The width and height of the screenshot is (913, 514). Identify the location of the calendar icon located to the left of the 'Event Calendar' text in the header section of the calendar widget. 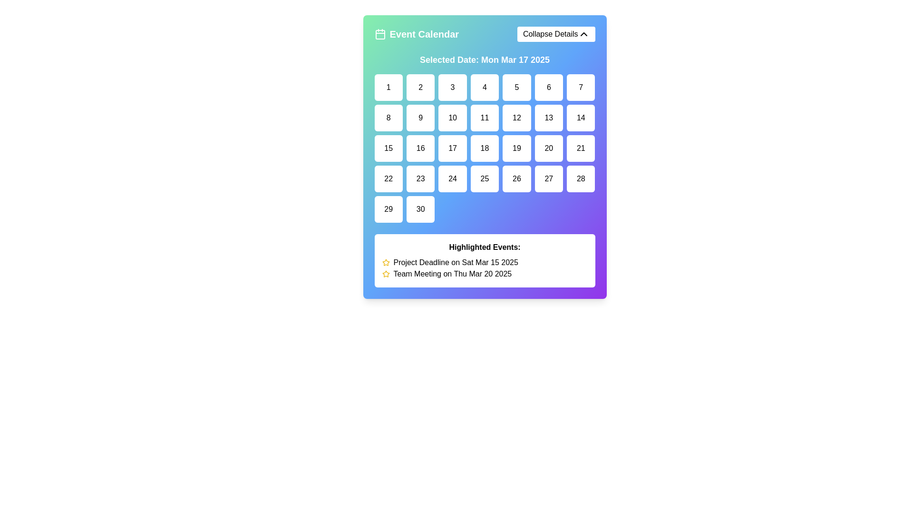
(379, 34).